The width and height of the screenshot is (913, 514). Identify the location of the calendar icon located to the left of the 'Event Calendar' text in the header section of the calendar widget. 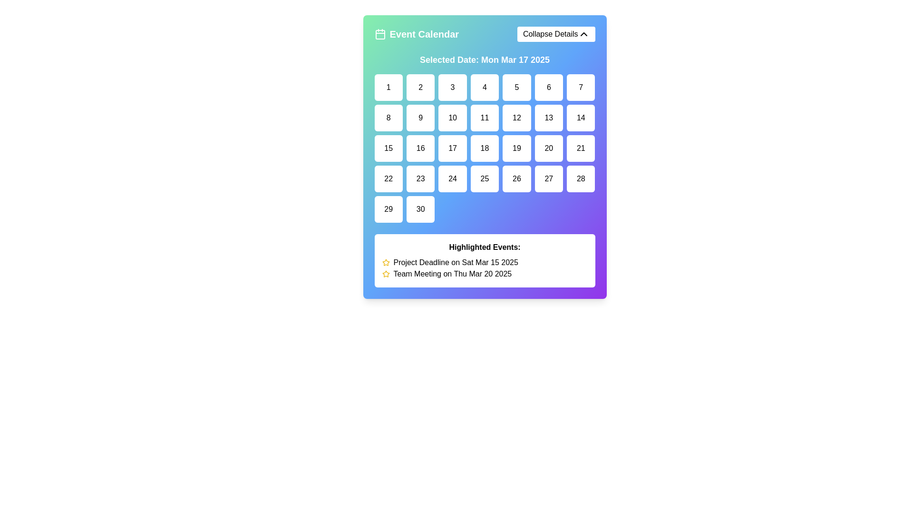
(379, 34).